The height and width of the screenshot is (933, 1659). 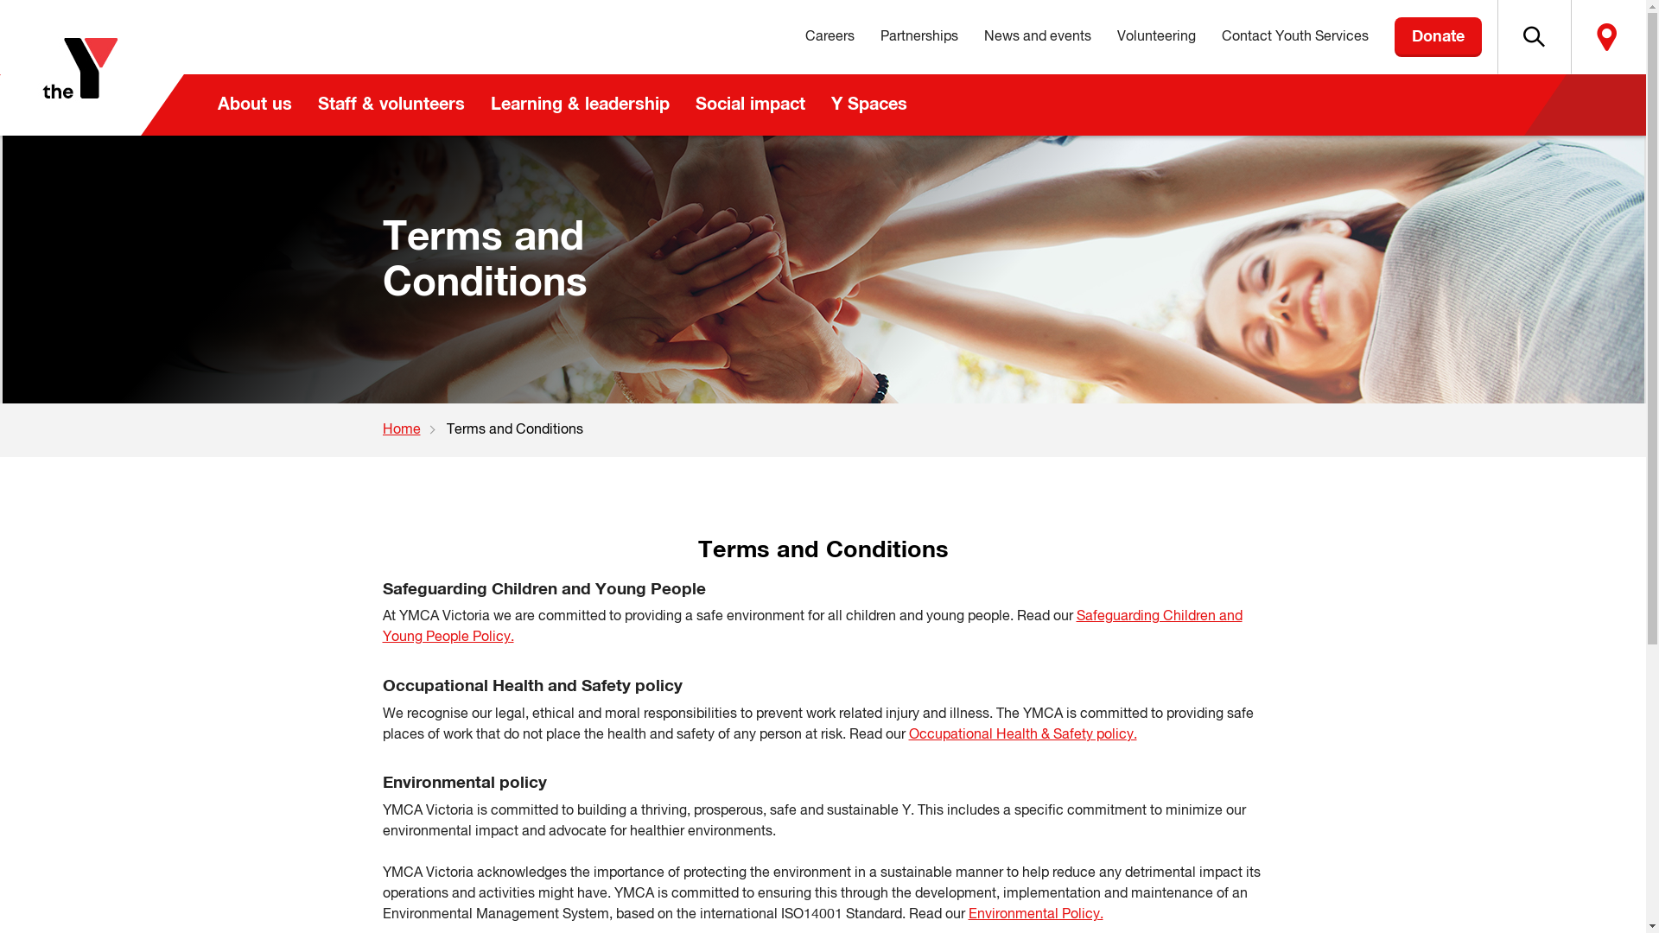 I want to click on 'Contact Youth Services', so click(x=1294, y=36).